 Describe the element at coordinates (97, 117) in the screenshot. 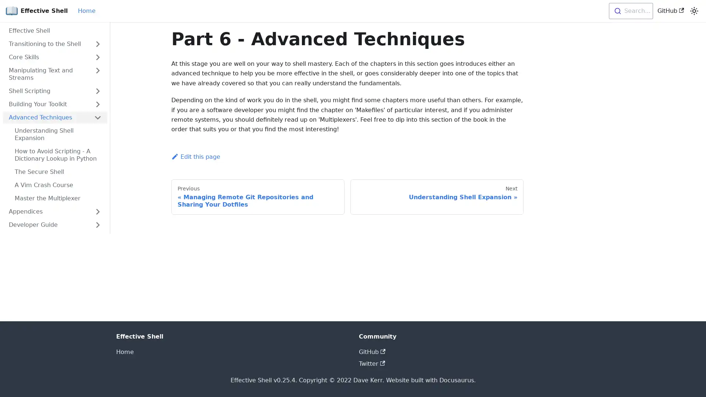

I see `Toggle the collapsible sidebar category 'Advanced Techniques'` at that location.